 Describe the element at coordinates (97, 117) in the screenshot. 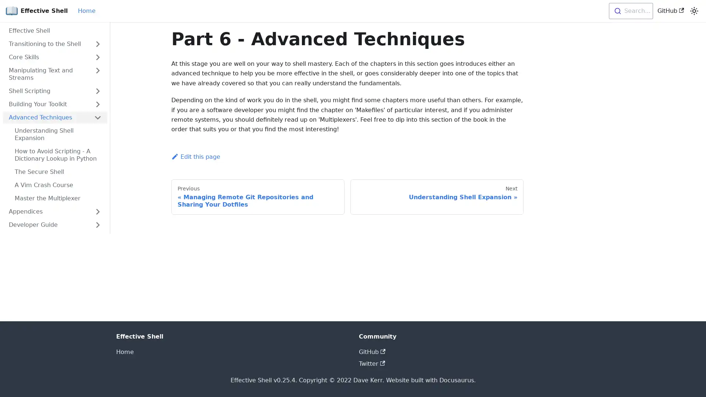

I see `Toggle the collapsible sidebar category 'Advanced Techniques'` at that location.